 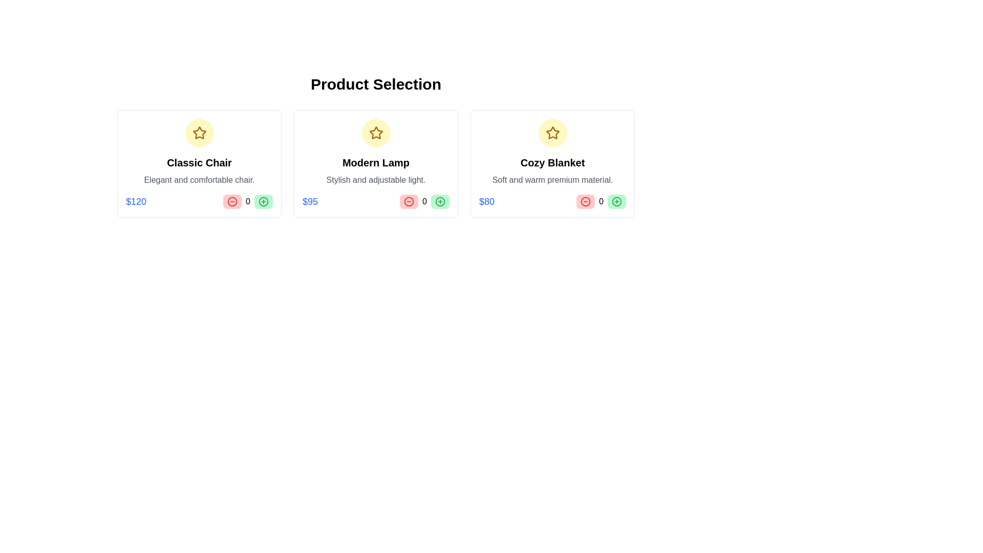 What do you see at coordinates (263, 201) in the screenshot?
I see `the button with a plus sign located at the bottom right corner within the card labeled 'Classic Chair' to increment the counter or add an item` at bounding box center [263, 201].